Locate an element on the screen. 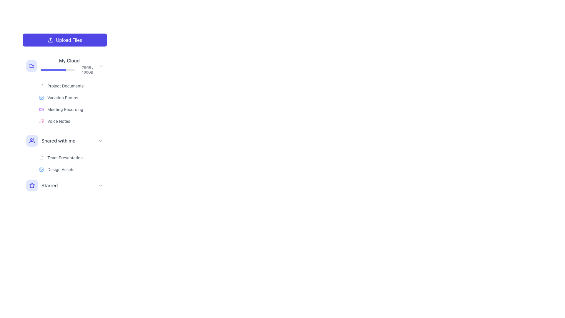 Image resolution: width=565 pixels, height=318 pixels. the 'Project Documents' text label located under the 'My Cloud' section, which is visually associated with a document icon is located at coordinates (65, 86).